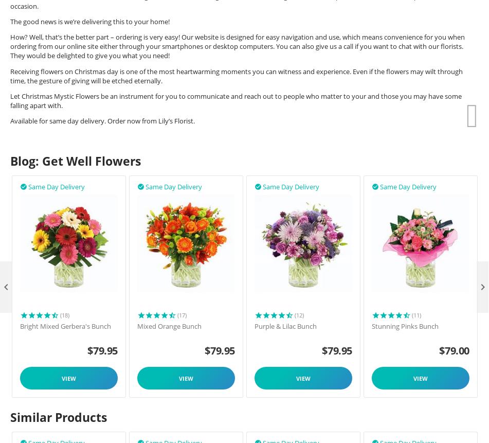 The height and width of the screenshot is (443, 489). What do you see at coordinates (404, 326) in the screenshot?
I see `'Stunning Pinks Bunch'` at bounding box center [404, 326].